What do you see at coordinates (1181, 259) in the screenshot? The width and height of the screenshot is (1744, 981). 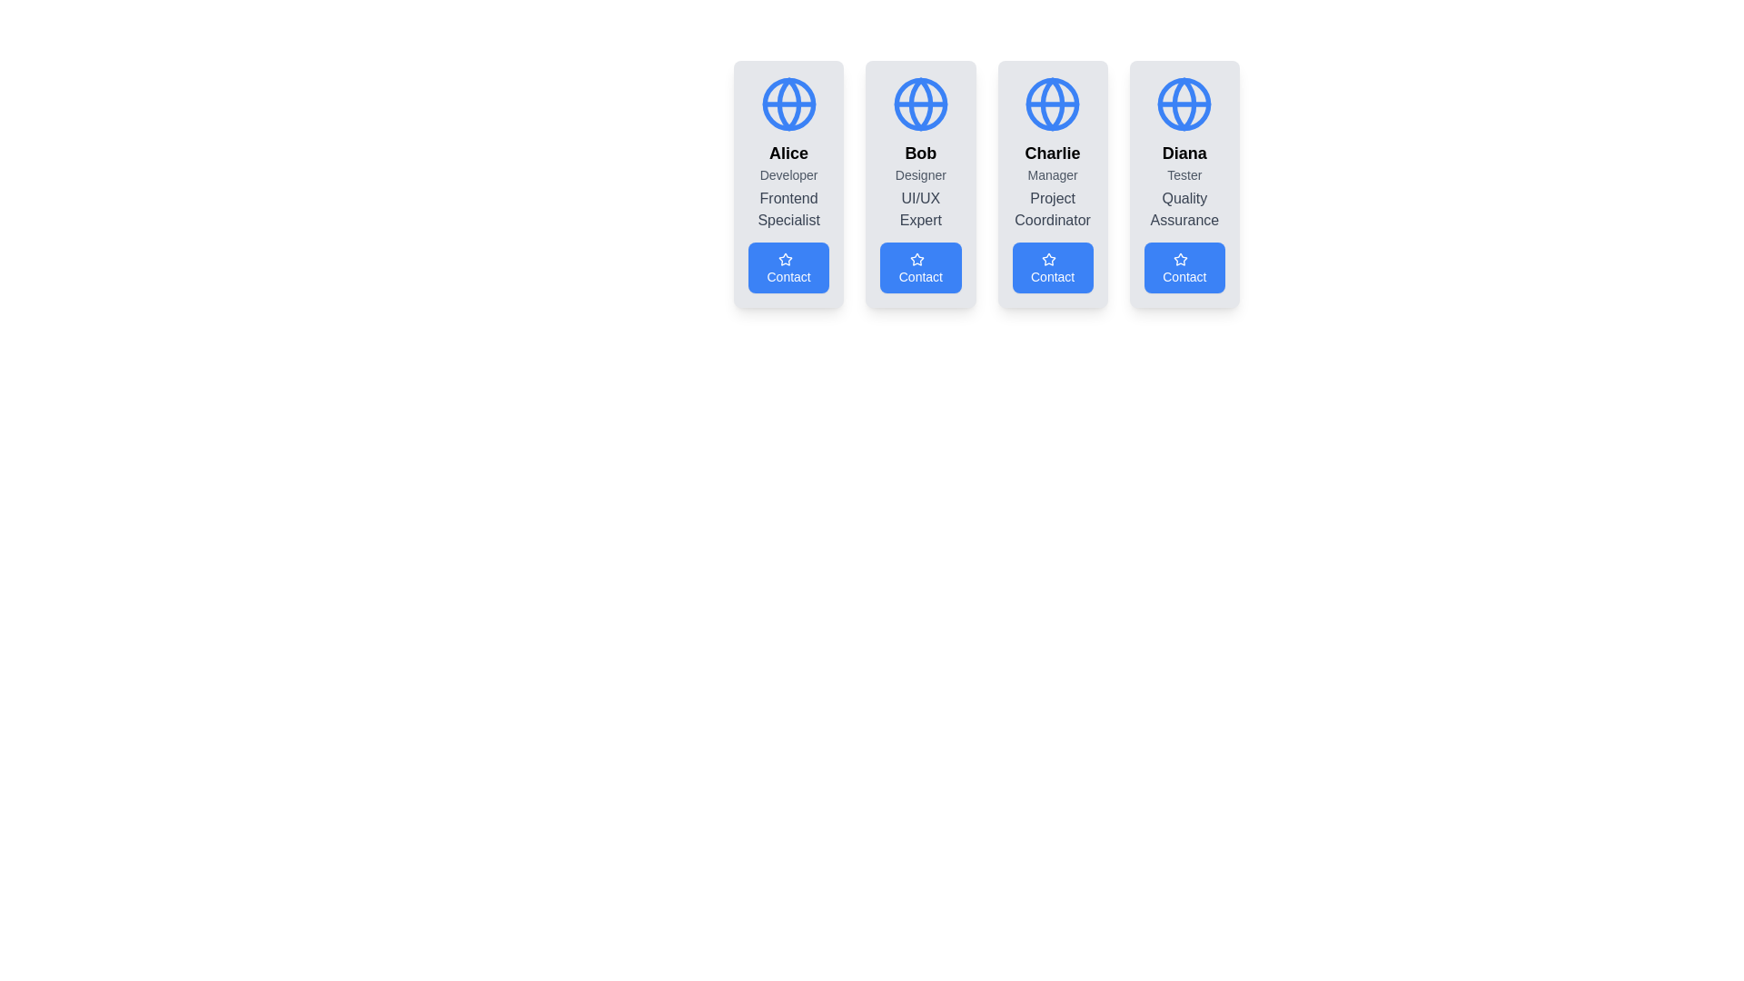 I see `the star icon, which serves as a visual indicator for marking items as favorites, located in the card for 'Diana' above the 'Contact' button` at bounding box center [1181, 259].